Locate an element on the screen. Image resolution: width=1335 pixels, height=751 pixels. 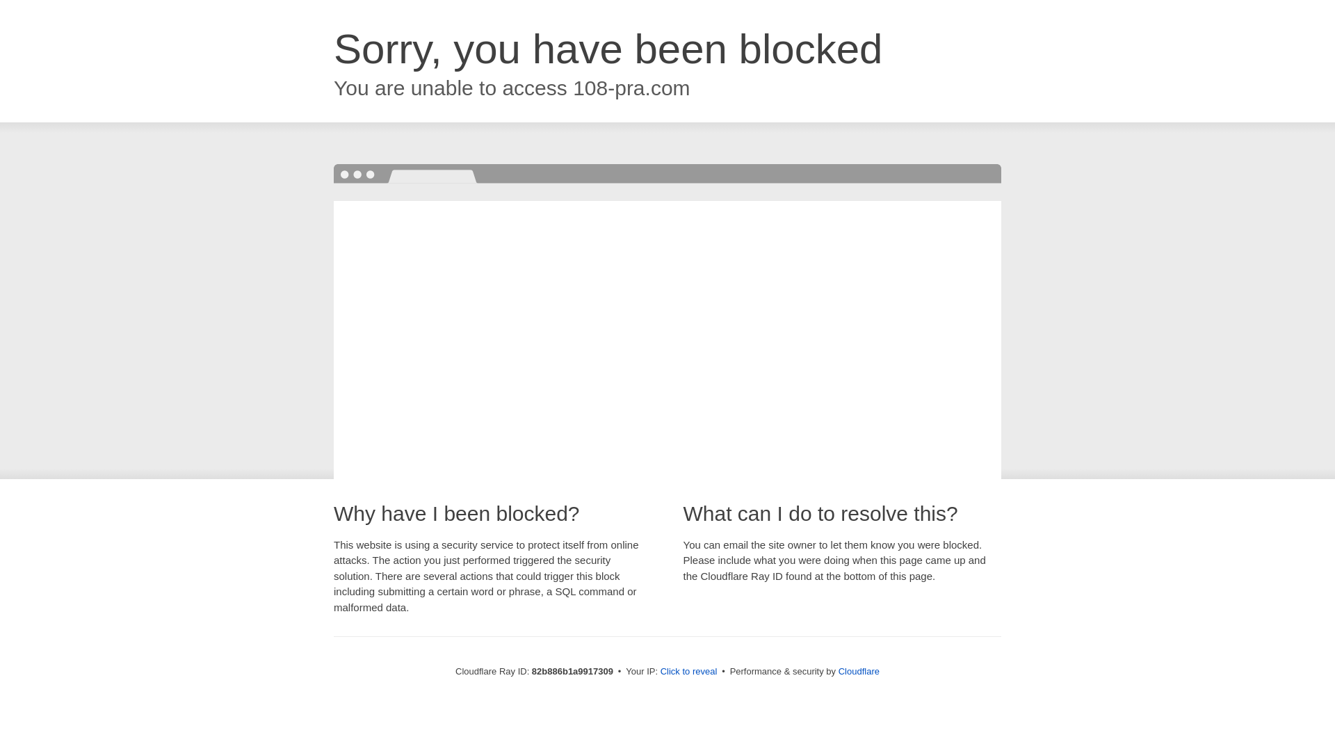
'Click to reveal' is located at coordinates (688, 670).